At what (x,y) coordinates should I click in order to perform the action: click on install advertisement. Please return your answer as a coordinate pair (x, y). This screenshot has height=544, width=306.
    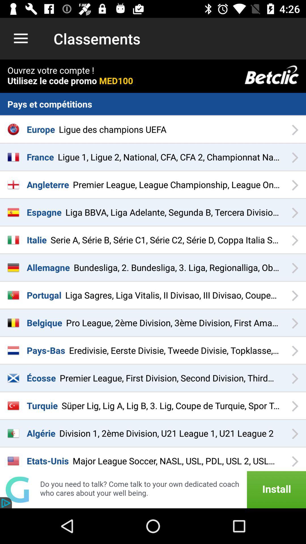
    Looking at the image, I should click on (153, 489).